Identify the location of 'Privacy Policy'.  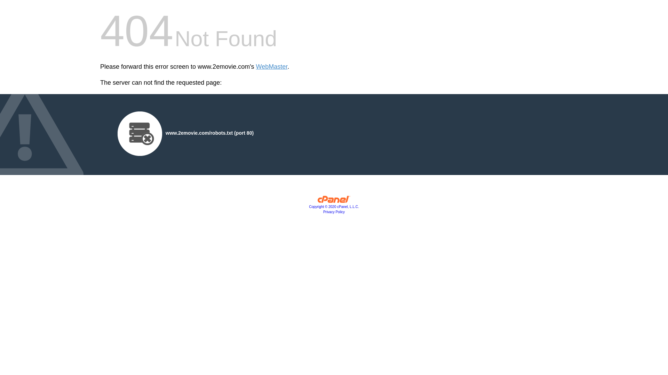
(323, 211).